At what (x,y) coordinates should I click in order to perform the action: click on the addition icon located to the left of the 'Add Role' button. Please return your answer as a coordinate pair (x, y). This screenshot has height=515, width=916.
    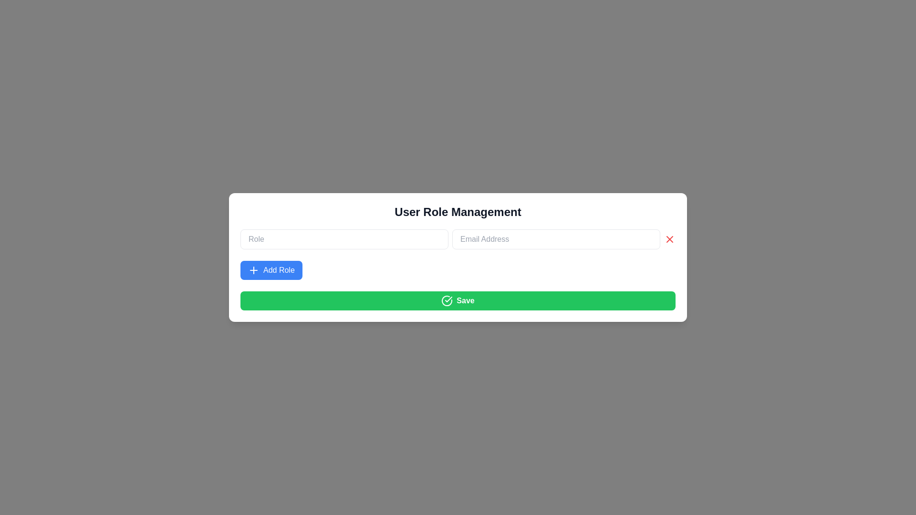
    Looking at the image, I should click on (254, 270).